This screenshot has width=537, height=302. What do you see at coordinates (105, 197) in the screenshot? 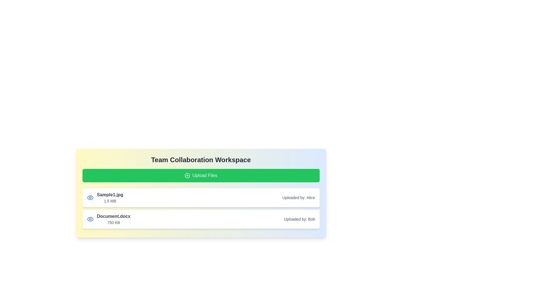
I see `the file entry display group that shows the filename 'Sample1.jpg'` at bounding box center [105, 197].